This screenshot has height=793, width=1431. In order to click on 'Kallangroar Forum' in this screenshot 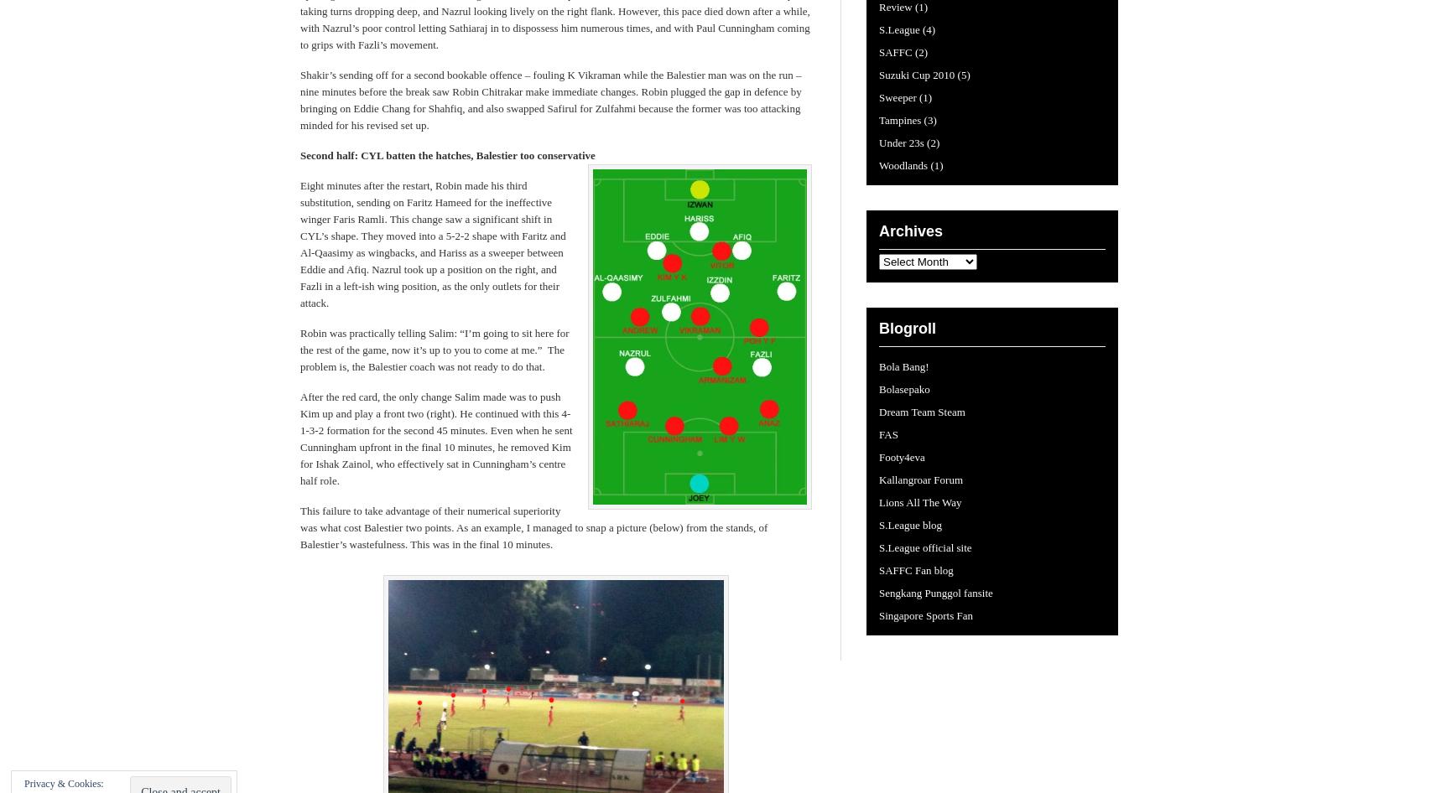, I will do `click(920, 479)`.